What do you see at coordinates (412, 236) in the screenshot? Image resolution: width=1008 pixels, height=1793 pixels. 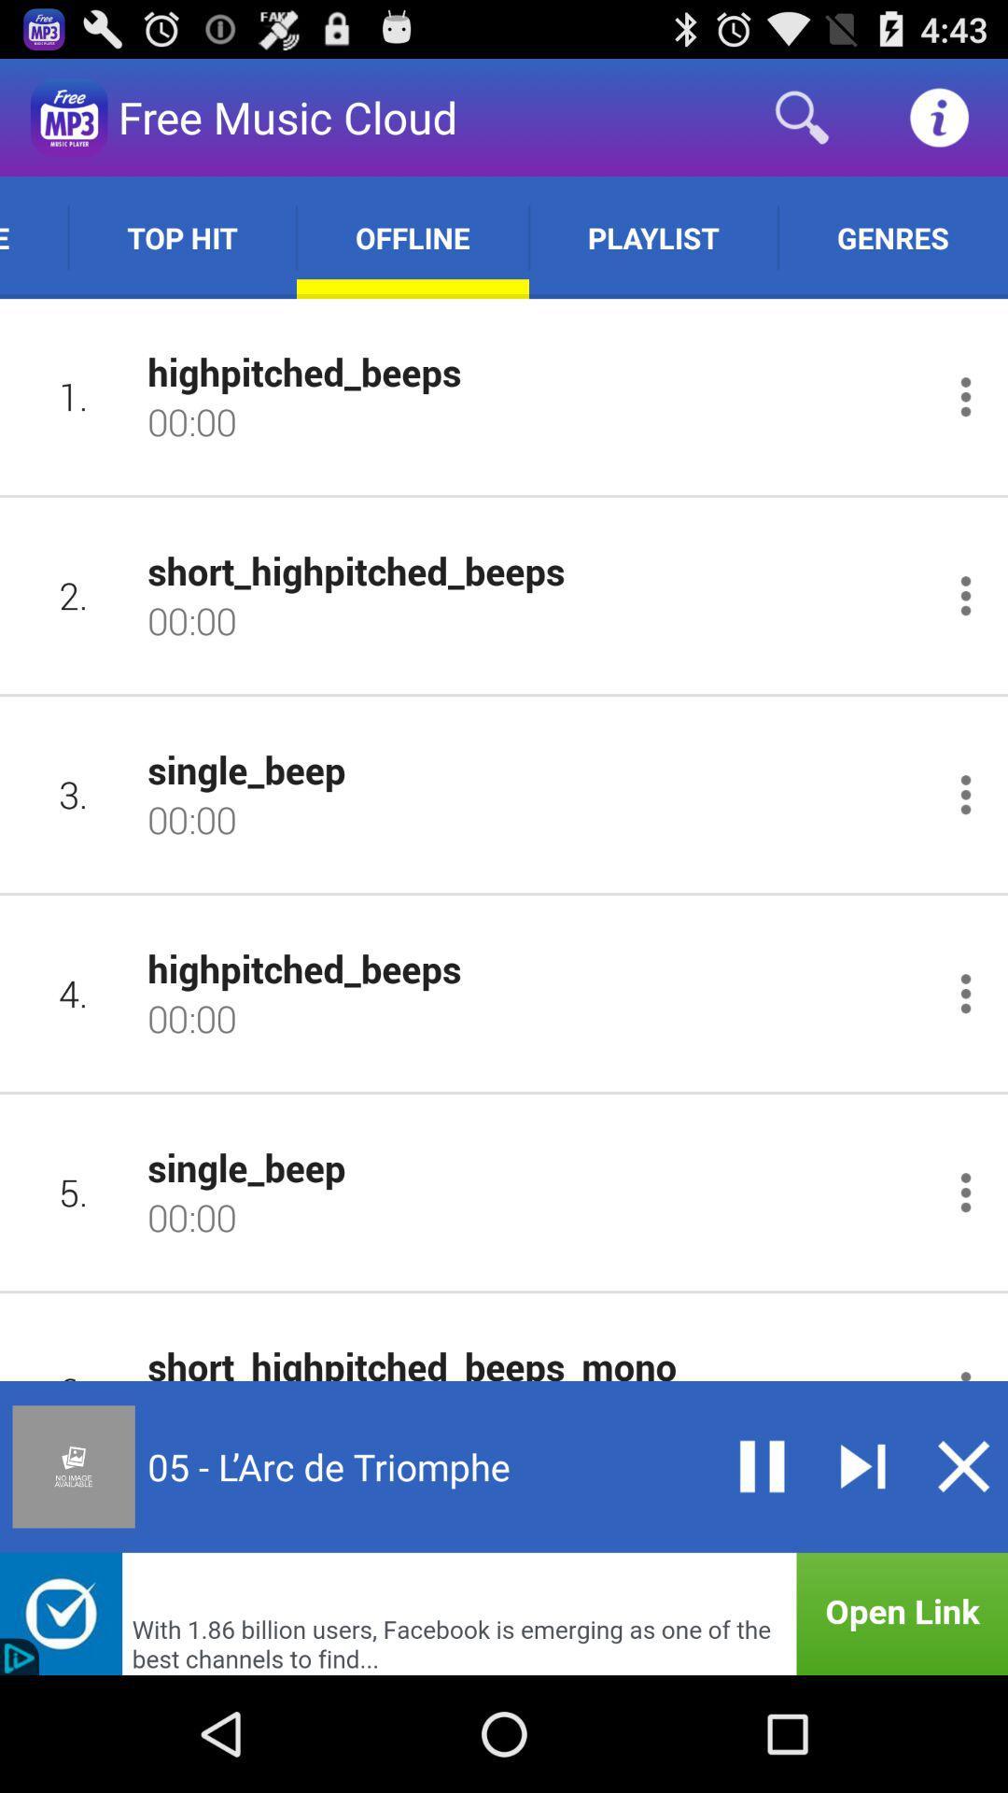 I see `app to the right of the top hit` at bounding box center [412, 236].